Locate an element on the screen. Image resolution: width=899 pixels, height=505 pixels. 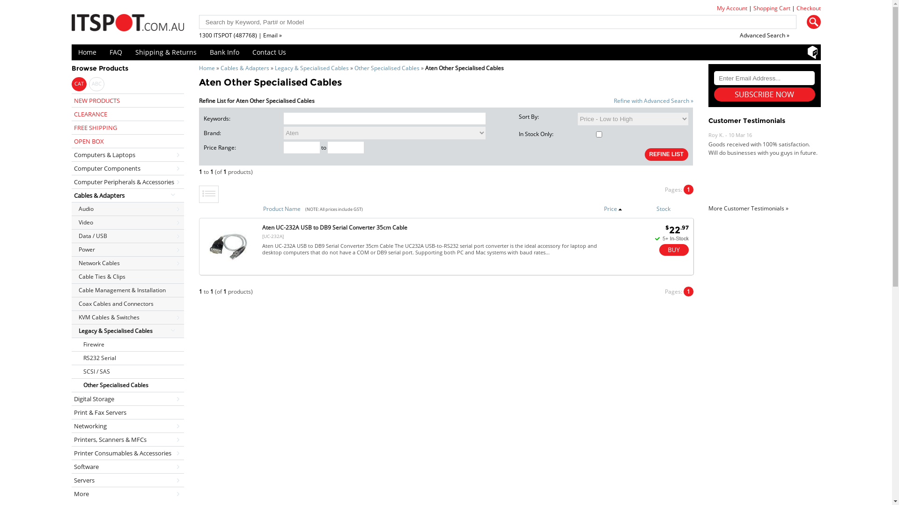
'KVM Cables & Switches' is located at coordinates (127, 317).